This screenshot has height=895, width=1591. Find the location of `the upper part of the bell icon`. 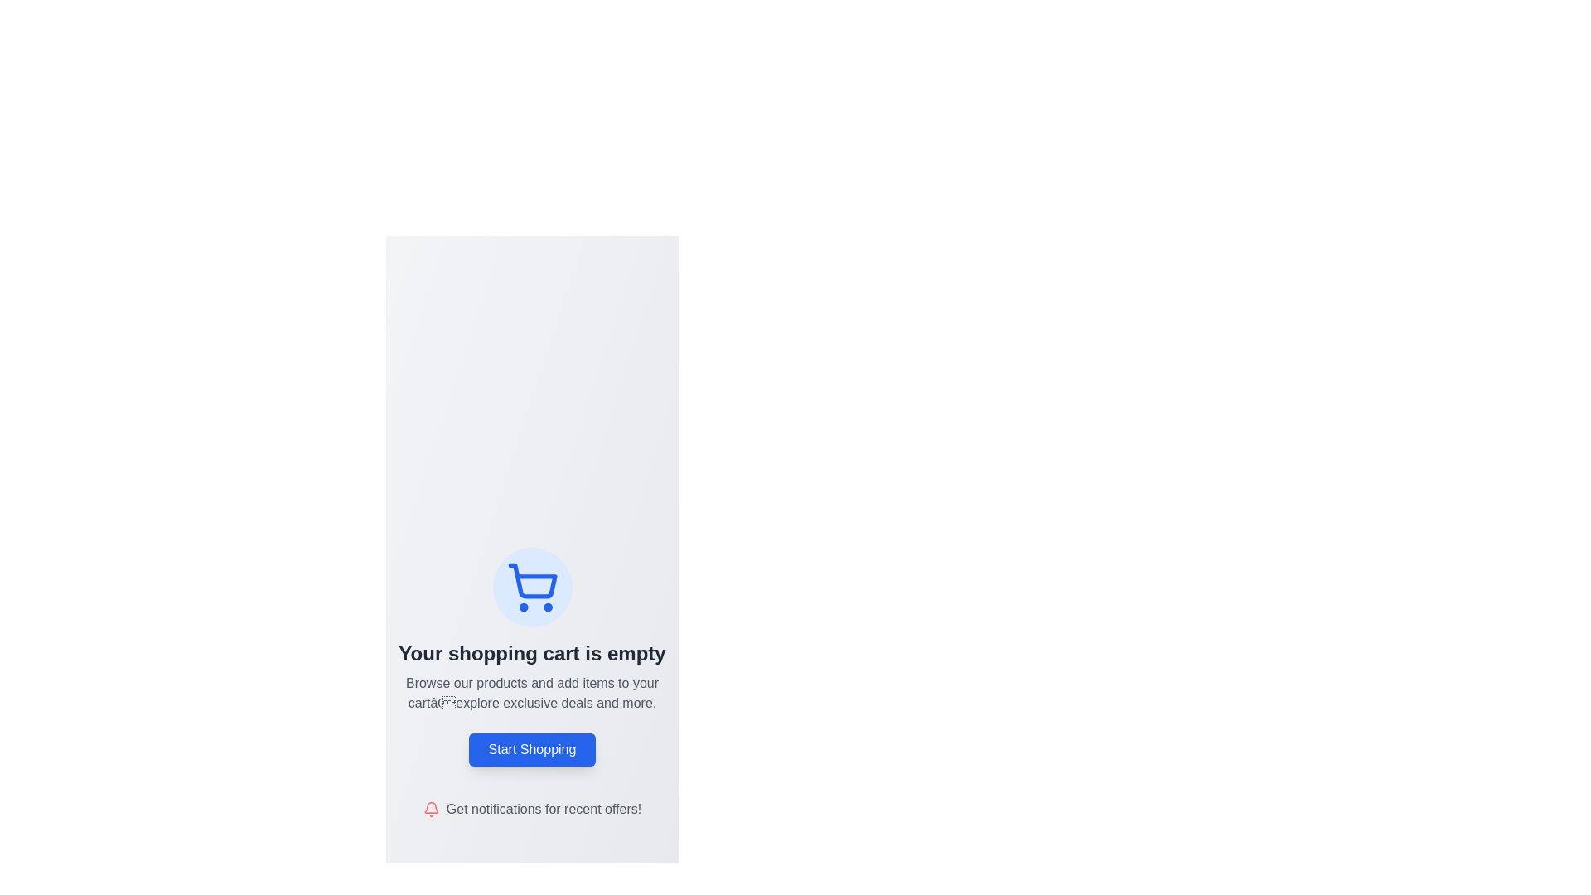

the upper part of the bell icon is located at coordinates (431, 806).